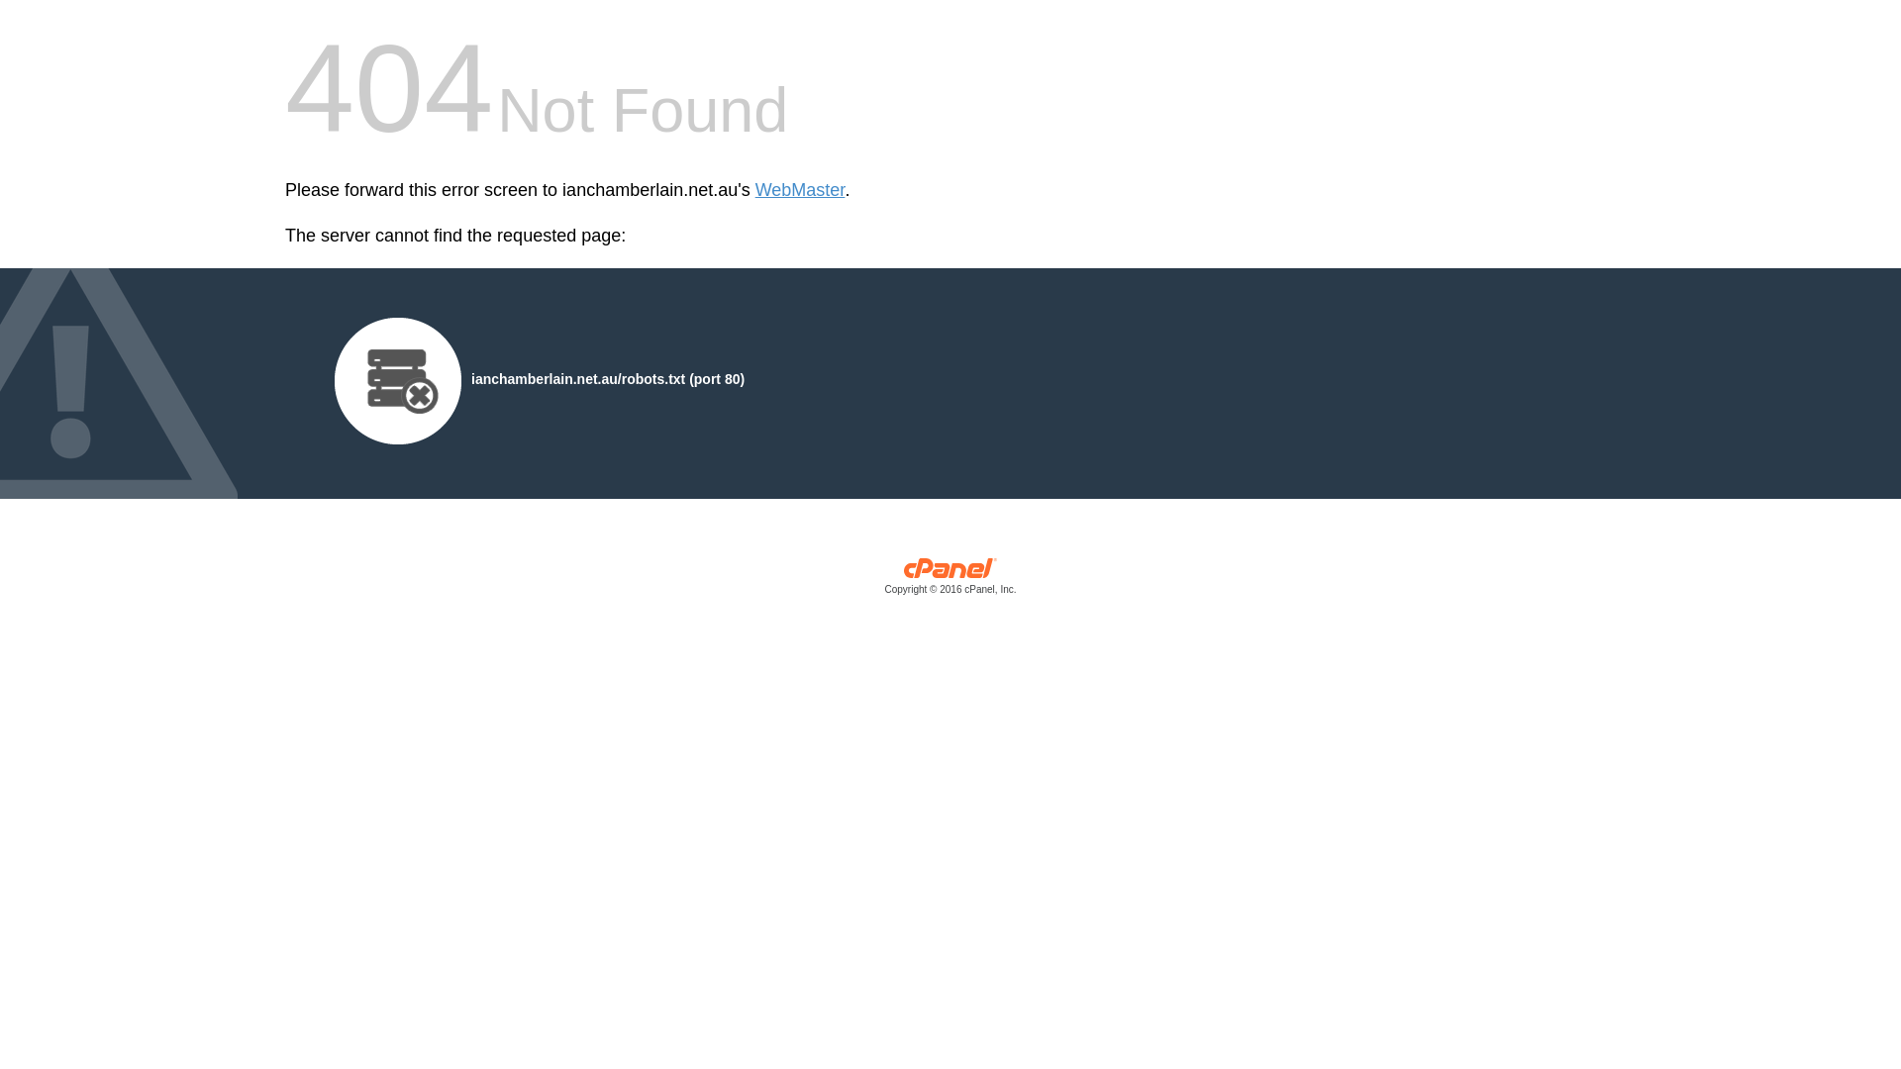 The image size is (1901, 1069). I want to click on 'WebMaster', so click(800, 190).